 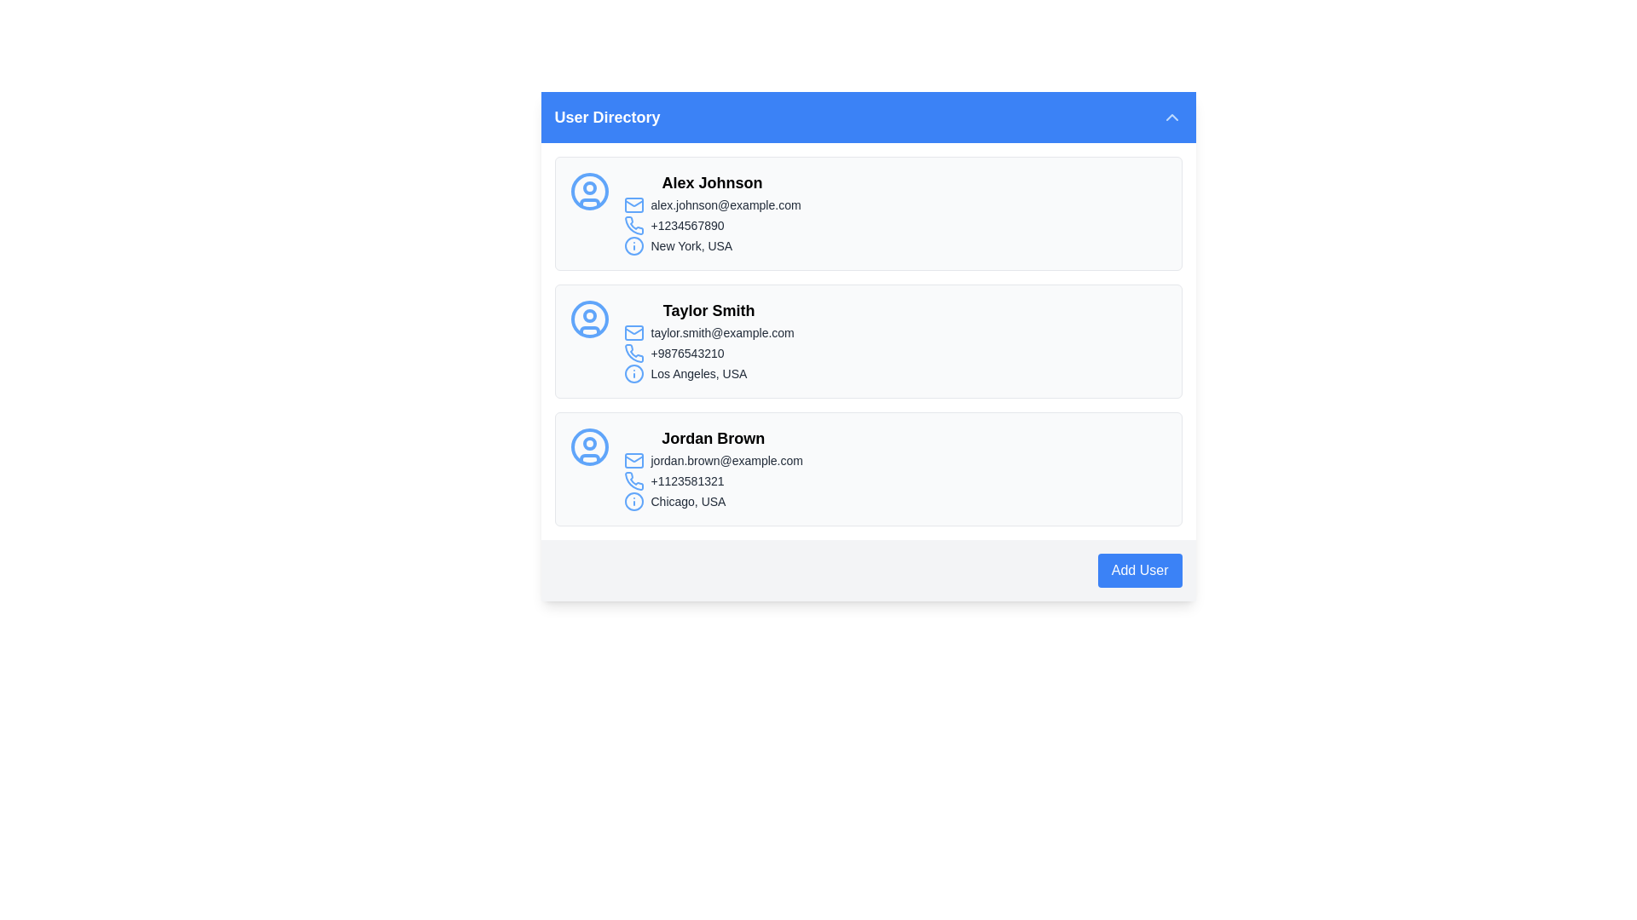 I want to click on the blue phone icon shaped like a handset located in the contact section of the 'Jordan Brown' card, positioned below the email icon and aligned with the phone number, so click(x=633, y=480).